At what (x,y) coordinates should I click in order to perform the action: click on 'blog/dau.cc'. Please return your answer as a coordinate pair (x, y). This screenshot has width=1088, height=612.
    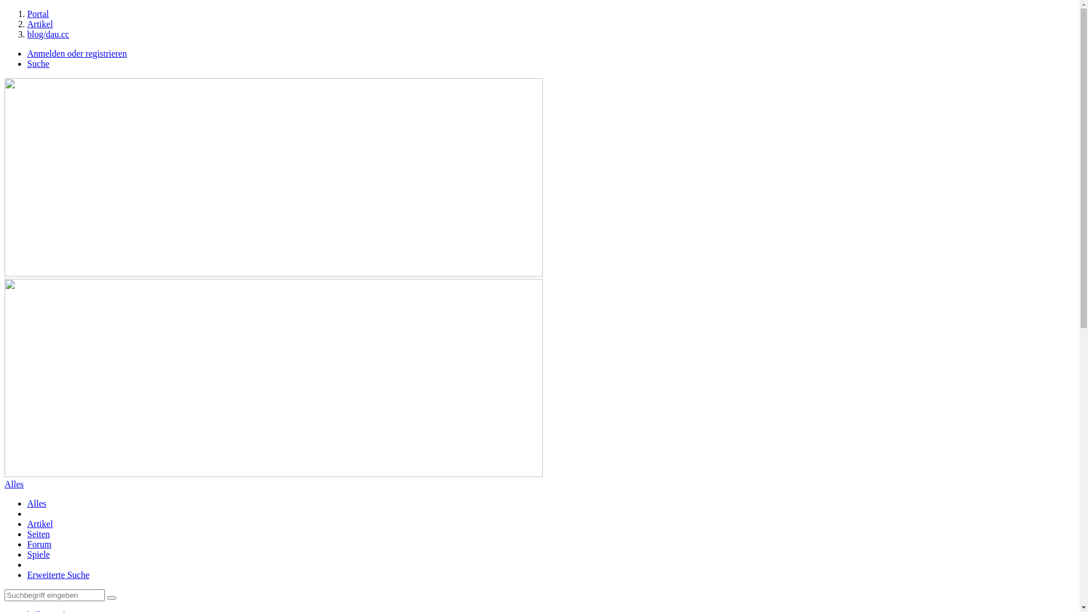
    Looking at the image, I should click on (48, 33).